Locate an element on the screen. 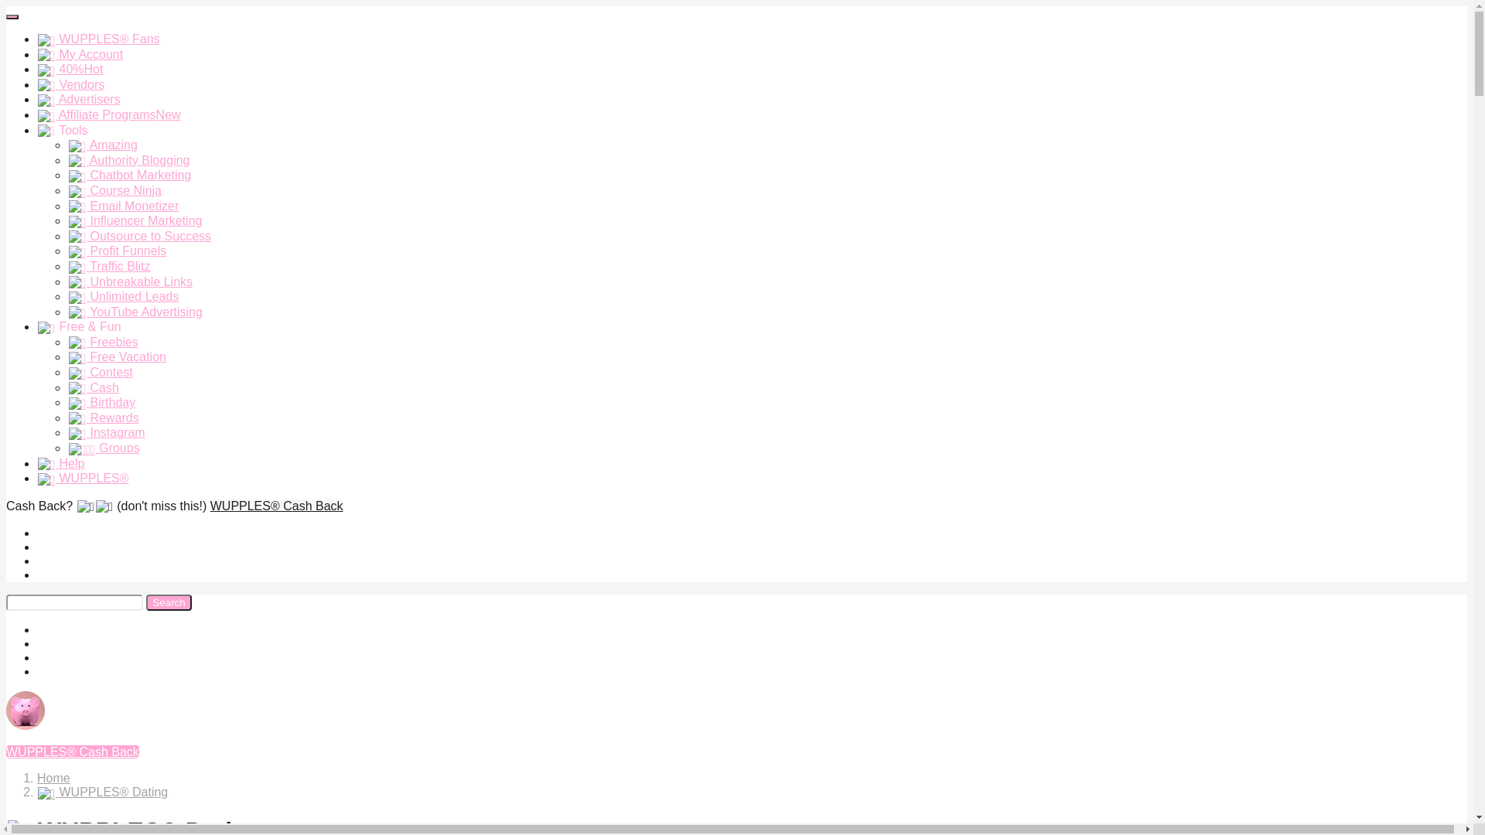 The height and width of the screenshot is (835, 1485). 'Contest' is located at coordinates (99, 372).